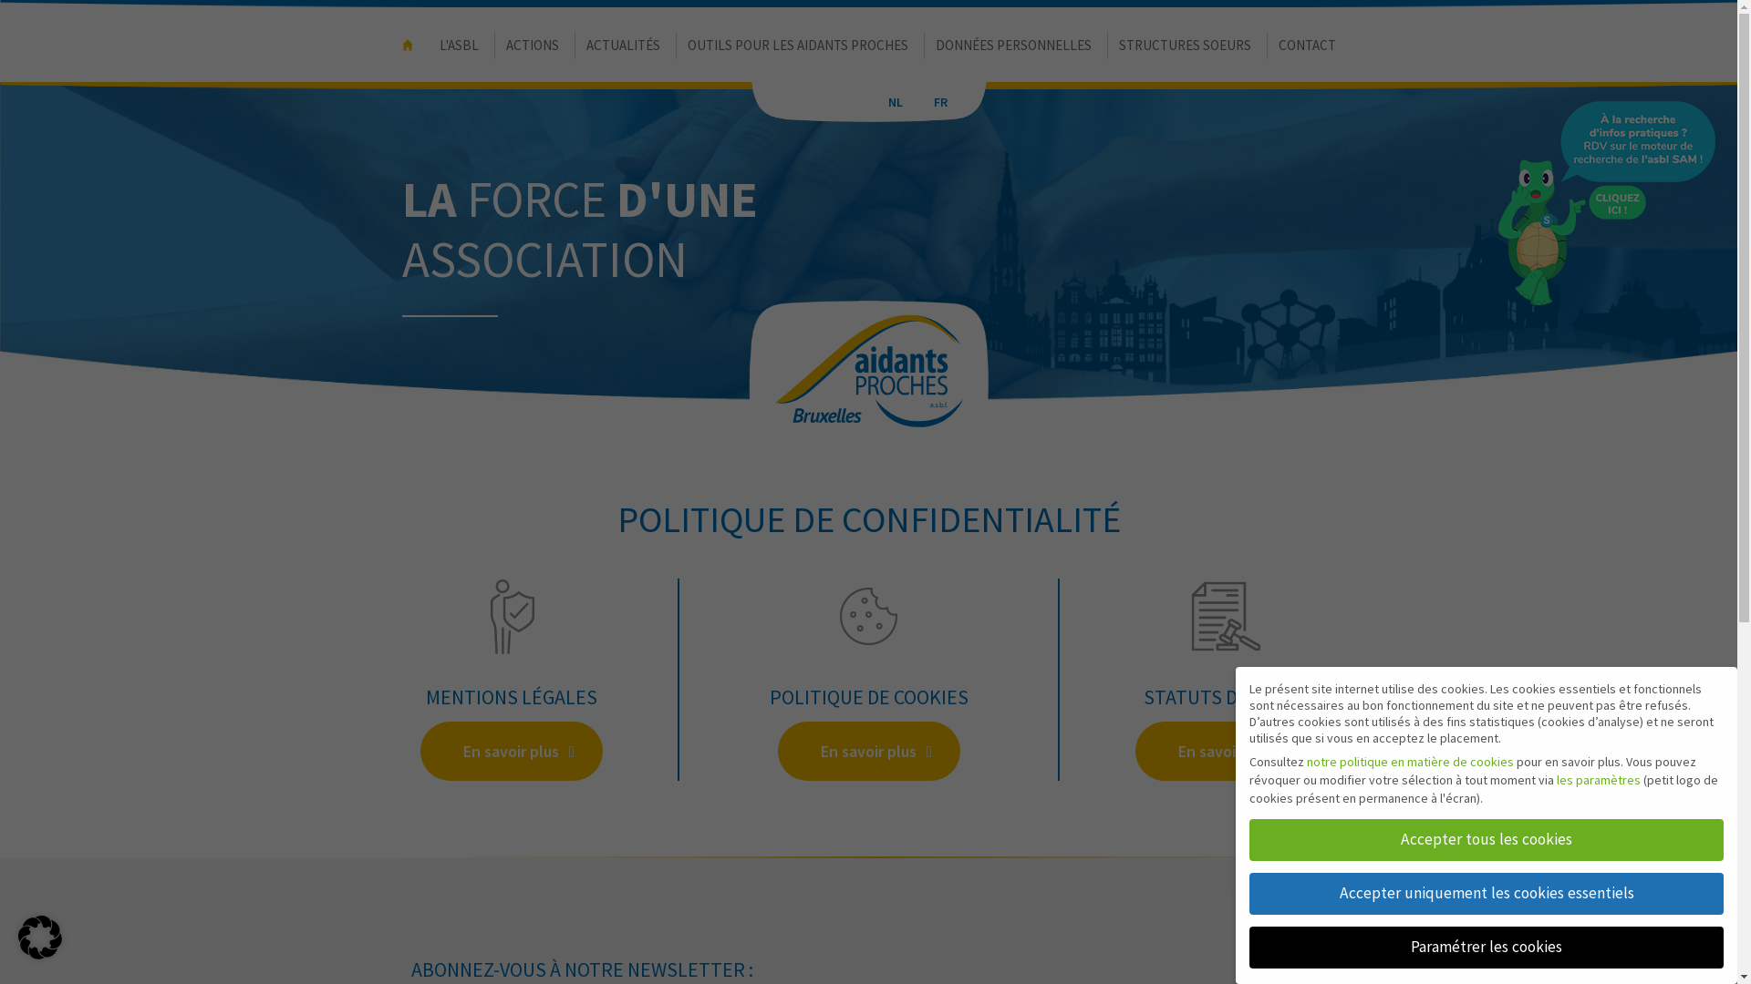  What do you see at coordinates (532, 41) in the screenshot?
I see `'ACTIONS'` at bounding box center [532, 41].